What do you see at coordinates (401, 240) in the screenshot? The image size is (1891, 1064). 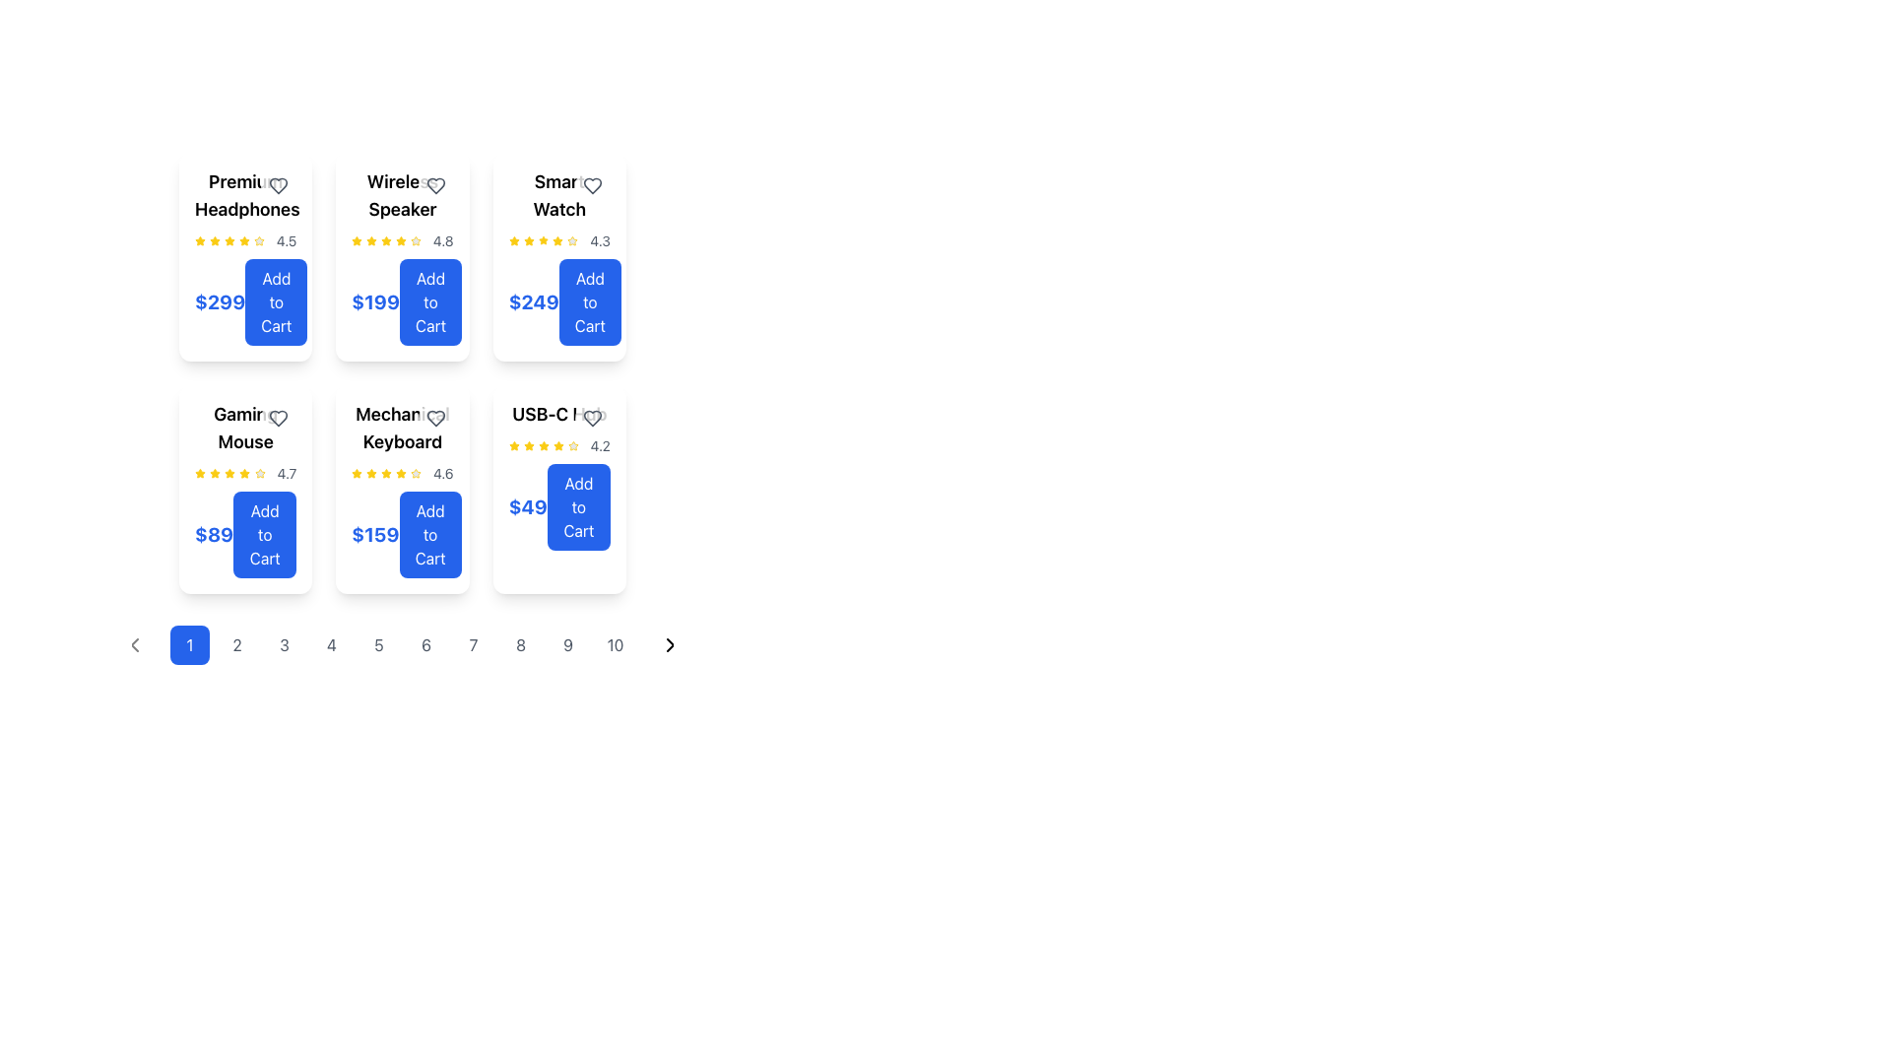 I see `the static grouped rating representation located under the product 'Wireless Speaker', which visually indicates the product rating with stars and a numerical value` at bounding box center [401, 240].